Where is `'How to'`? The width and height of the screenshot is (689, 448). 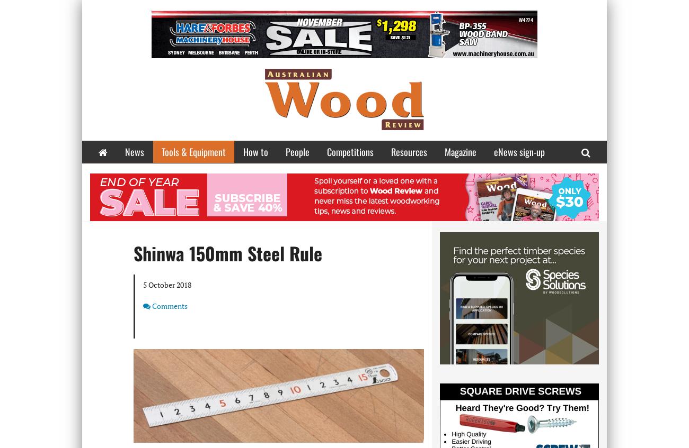
'How to' is located at coordinates (255, 151).